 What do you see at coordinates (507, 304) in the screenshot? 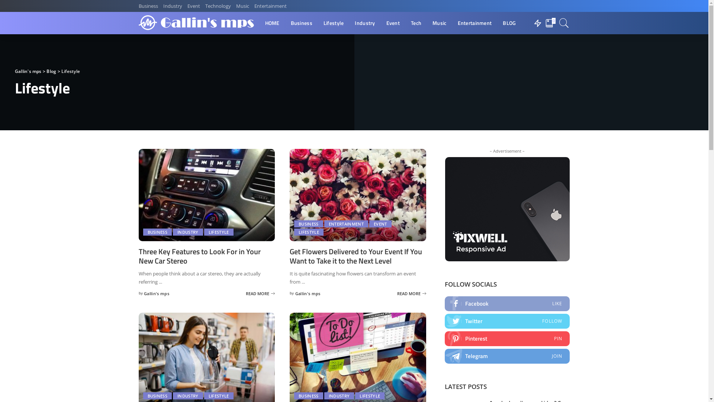
I see `'Facebook'` at bounding box center [507, 304].